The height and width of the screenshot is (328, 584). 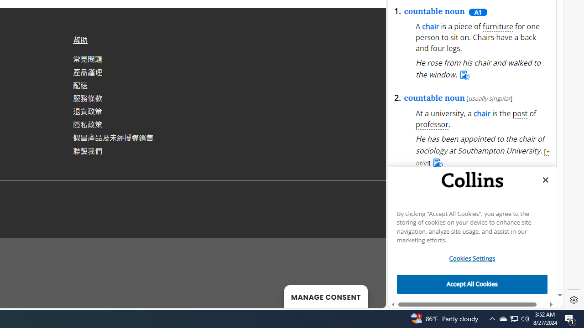 What do you see at coordinates (520, 113) in the screenshot?
I see `'post'` at bounding box center [520, 113].